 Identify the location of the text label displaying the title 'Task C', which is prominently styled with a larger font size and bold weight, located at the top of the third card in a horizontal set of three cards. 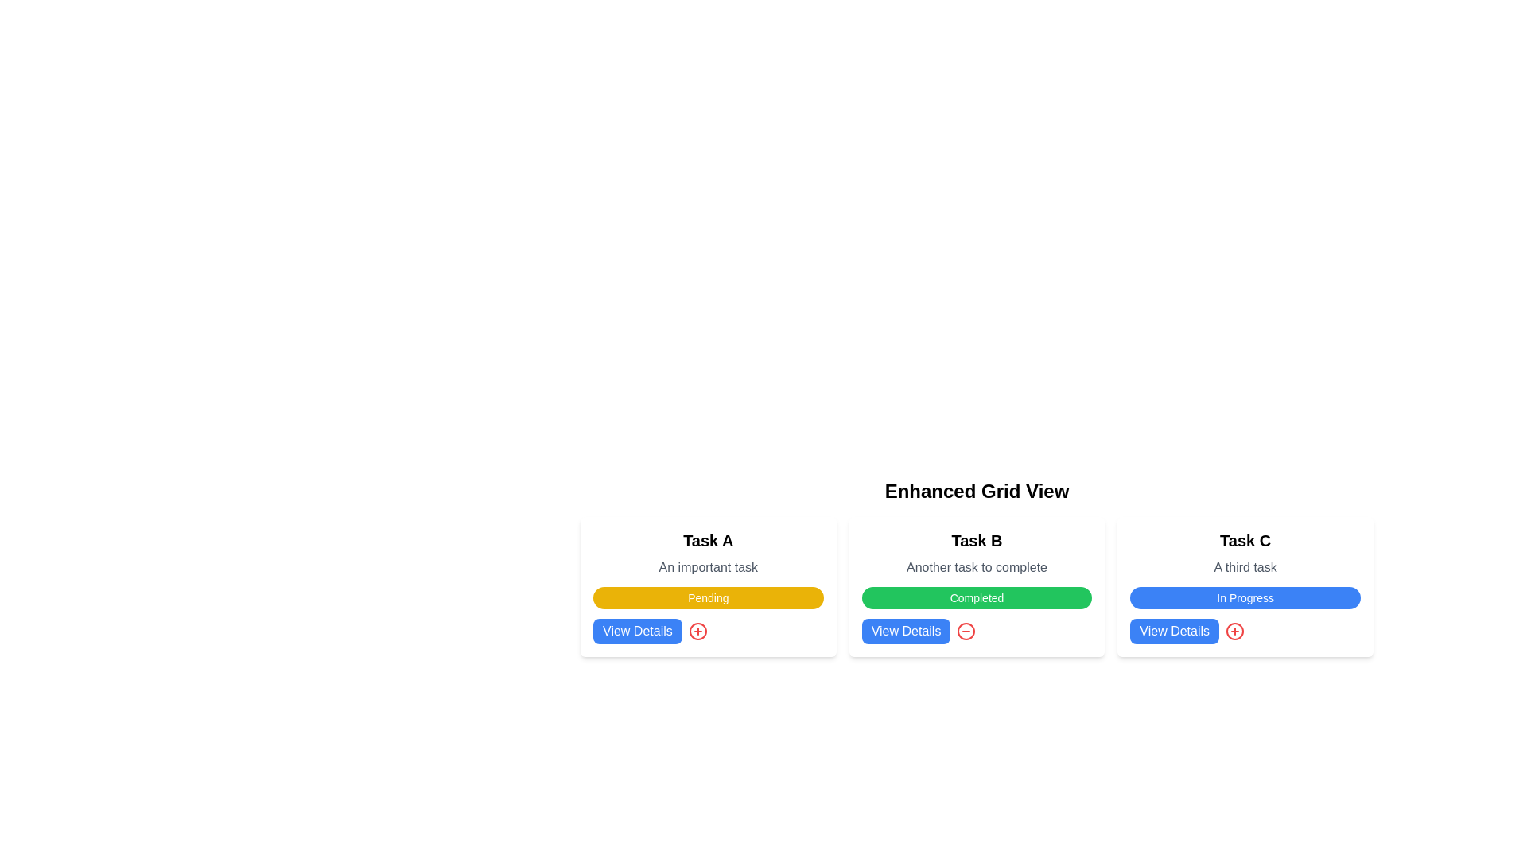
(1245, 539).